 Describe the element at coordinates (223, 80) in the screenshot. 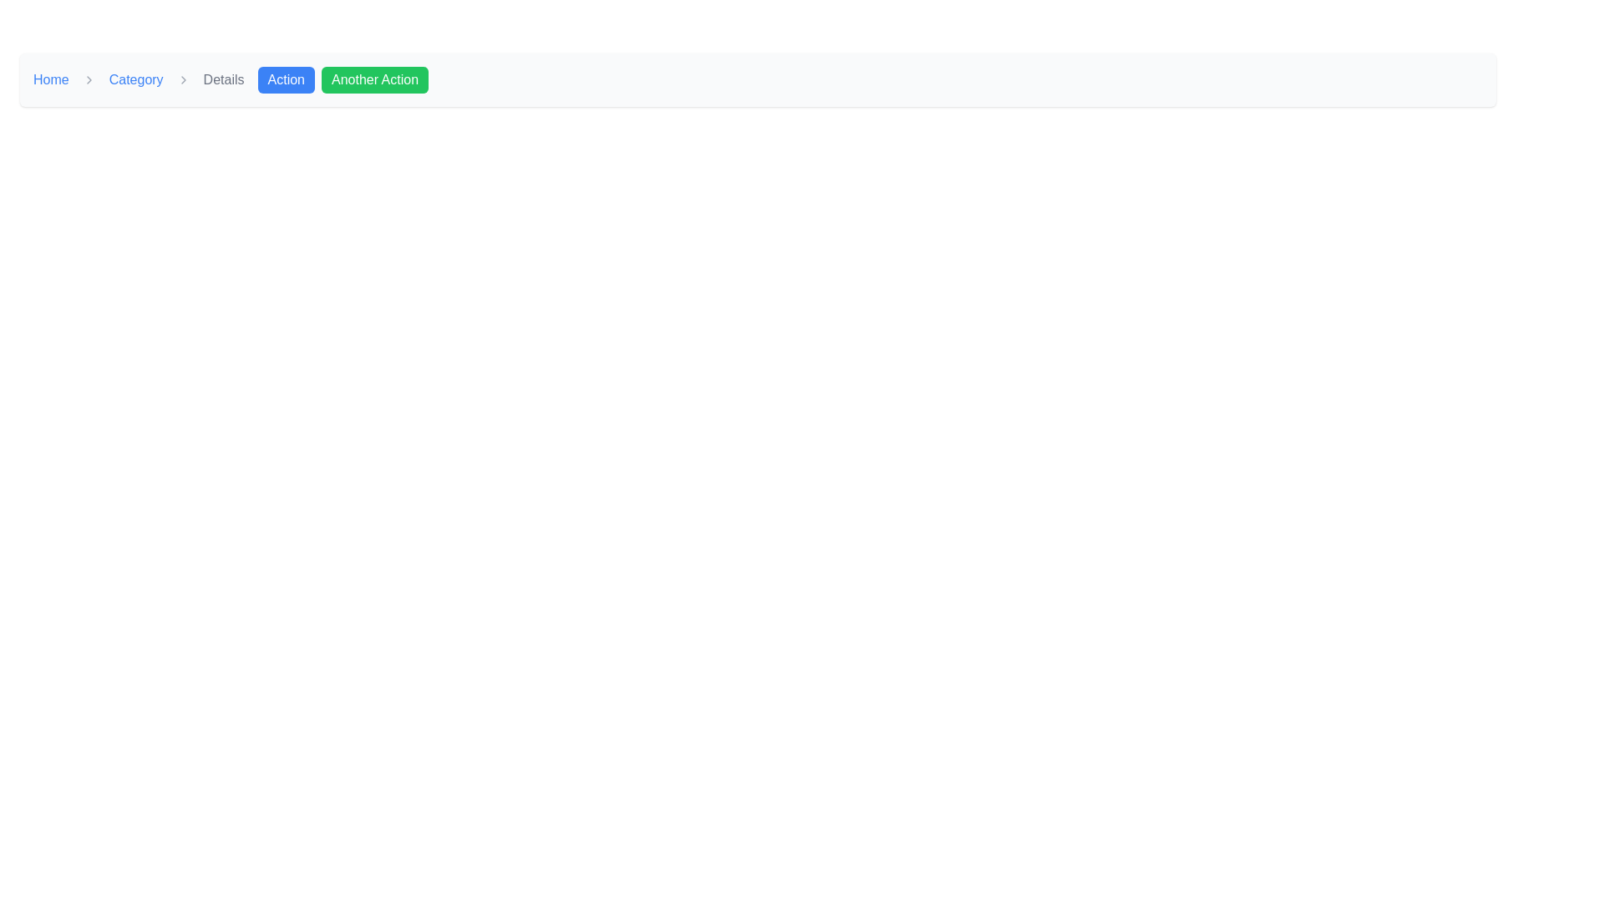

I see `the text label displaying 'Details' in gray font color located in the breadcrumb navigation bar, positioned to the right of the 'Category' link and before the 'Action' button` at that location.